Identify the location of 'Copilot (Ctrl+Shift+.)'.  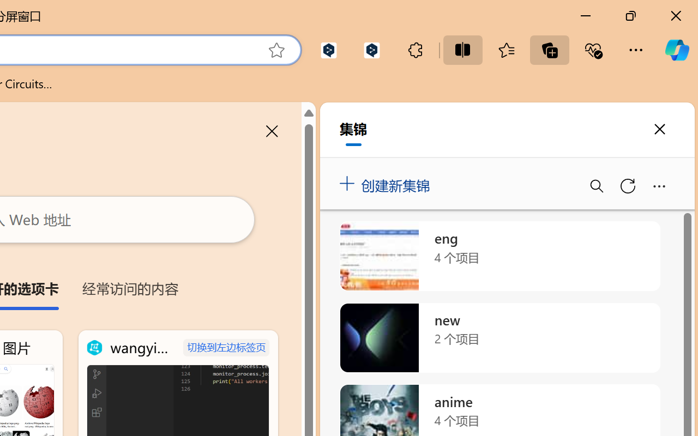
(676, 50).